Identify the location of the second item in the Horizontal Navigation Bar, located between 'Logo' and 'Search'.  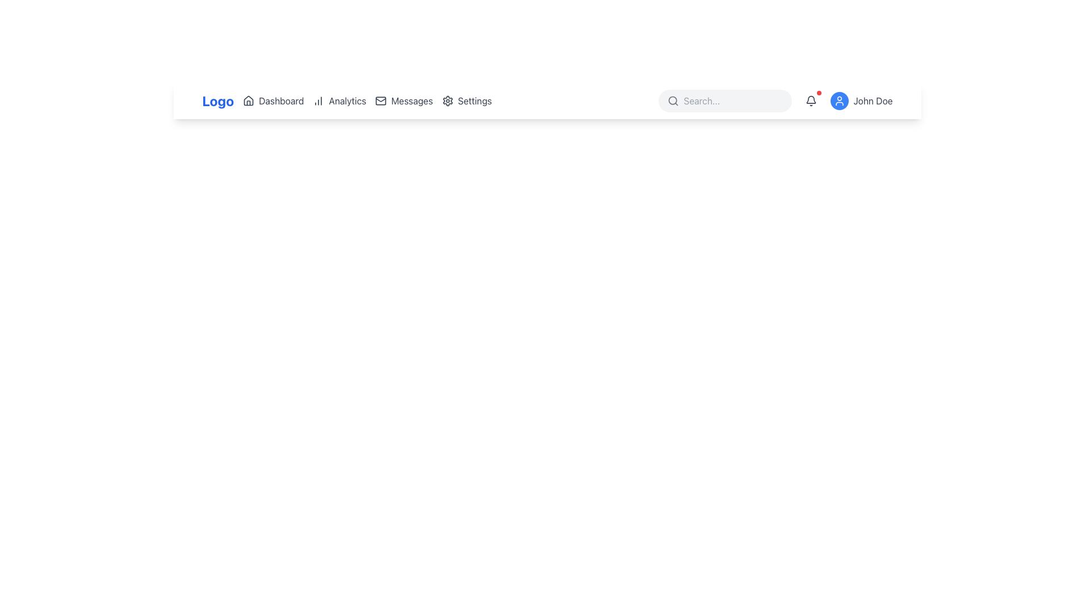
(367, 100).